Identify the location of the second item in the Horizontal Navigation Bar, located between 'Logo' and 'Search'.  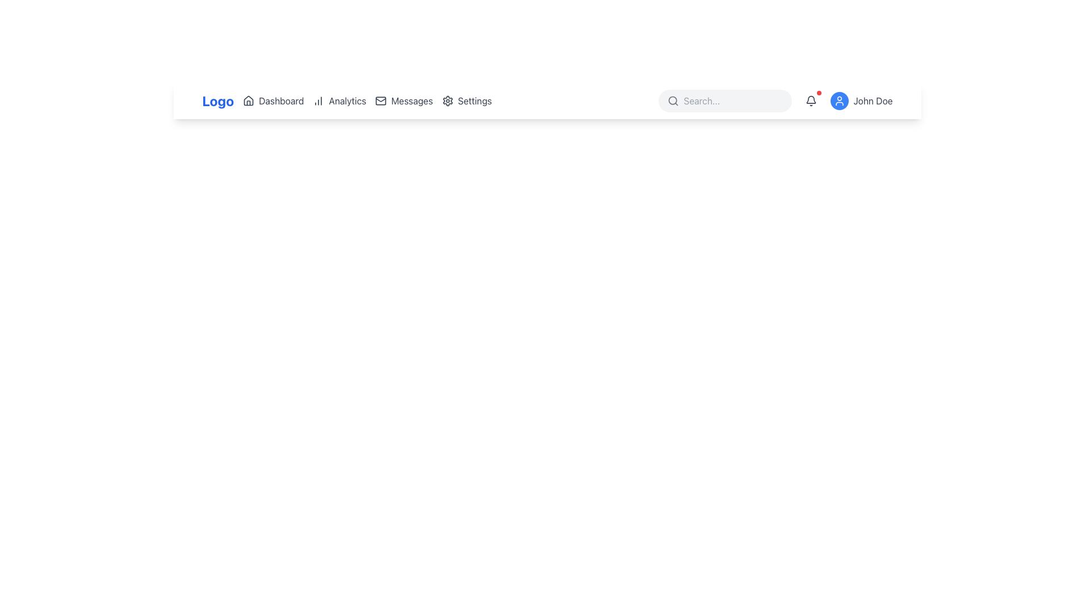
(367, 100).